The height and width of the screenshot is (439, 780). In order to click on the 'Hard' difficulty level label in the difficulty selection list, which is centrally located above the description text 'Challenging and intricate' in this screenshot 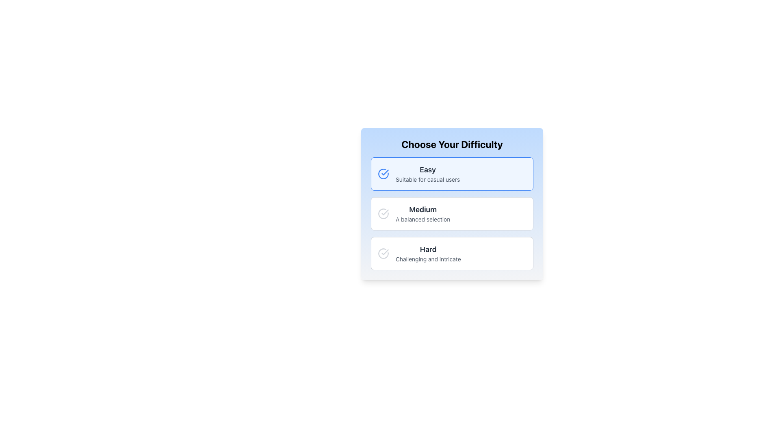, I will do `click(428, 249)`.